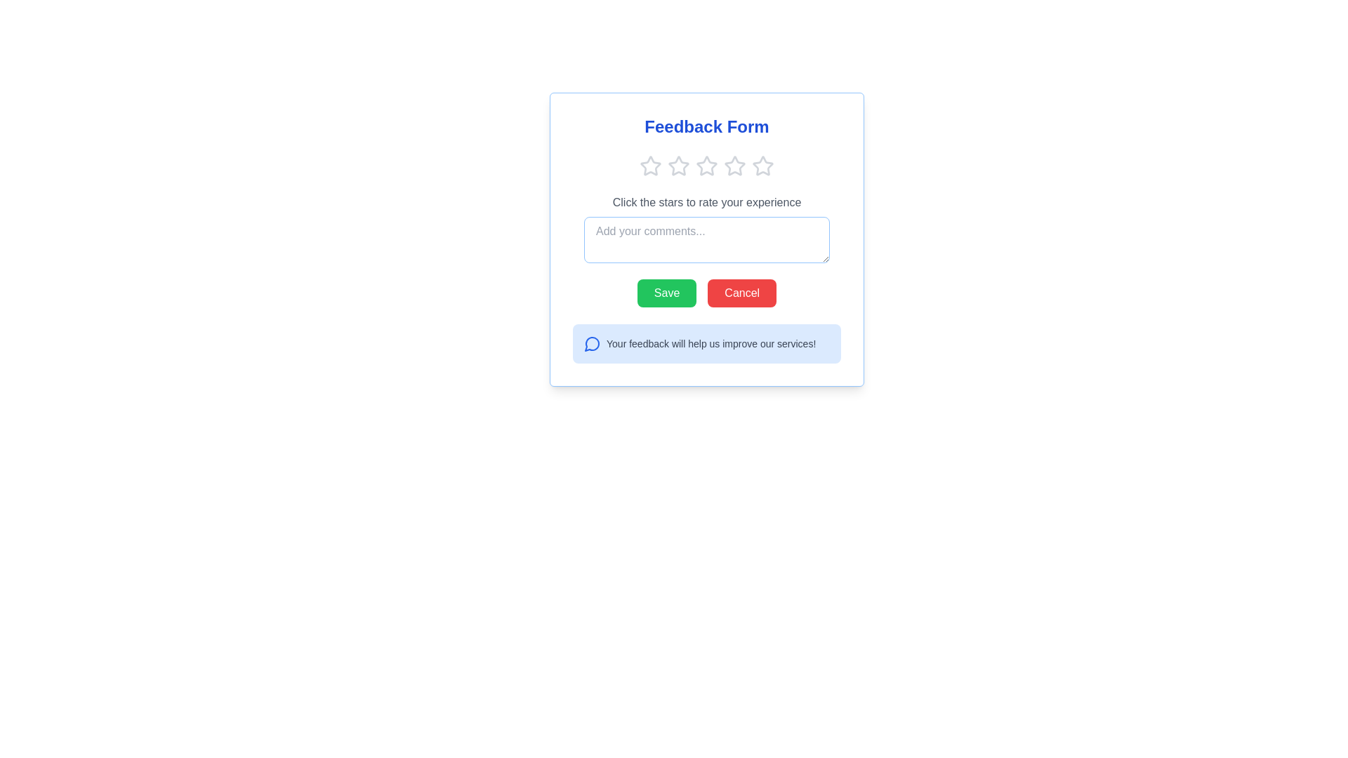 The width and height of the screenshot is (1348, 758). I want to click on the 'Cancel' button located on the lower right of the form interface, so click(741, 292).